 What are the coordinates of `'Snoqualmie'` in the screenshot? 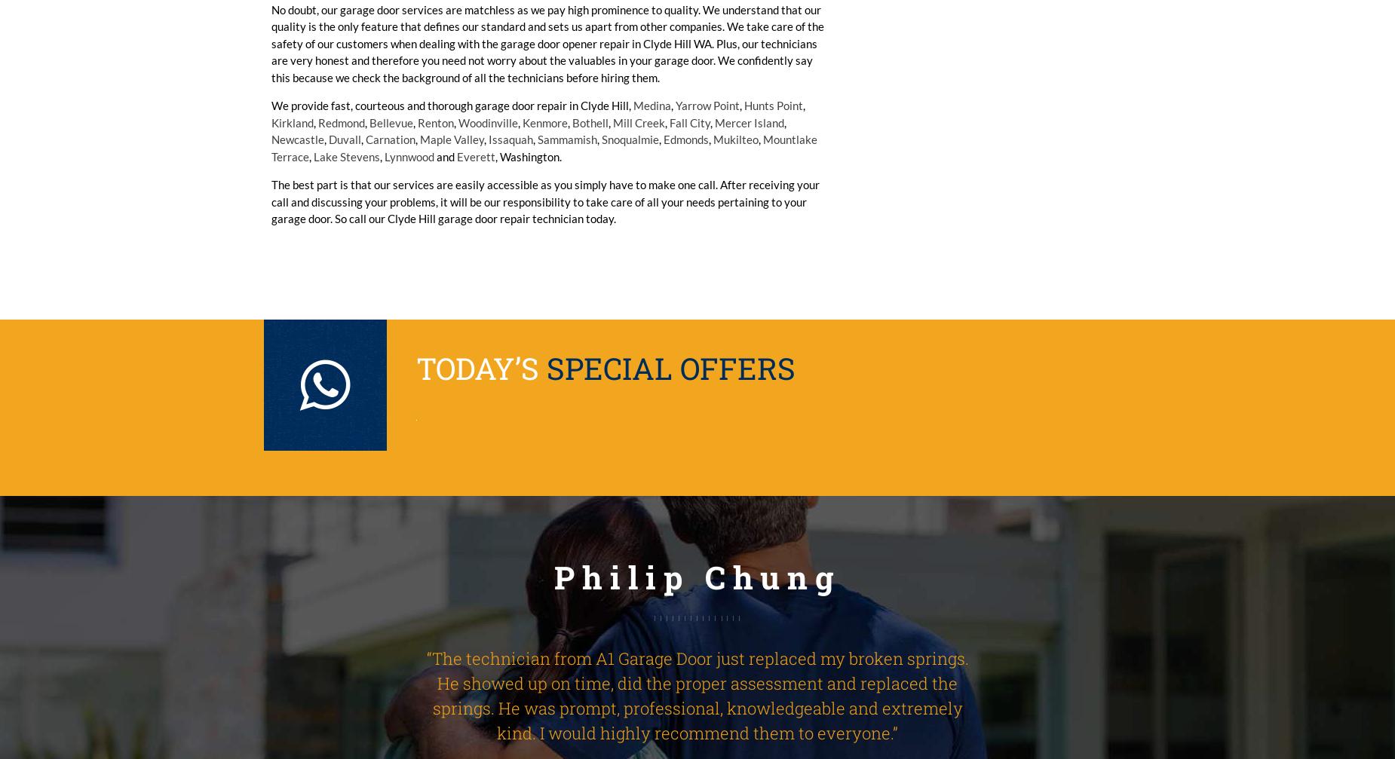 It's located at (630, 139).